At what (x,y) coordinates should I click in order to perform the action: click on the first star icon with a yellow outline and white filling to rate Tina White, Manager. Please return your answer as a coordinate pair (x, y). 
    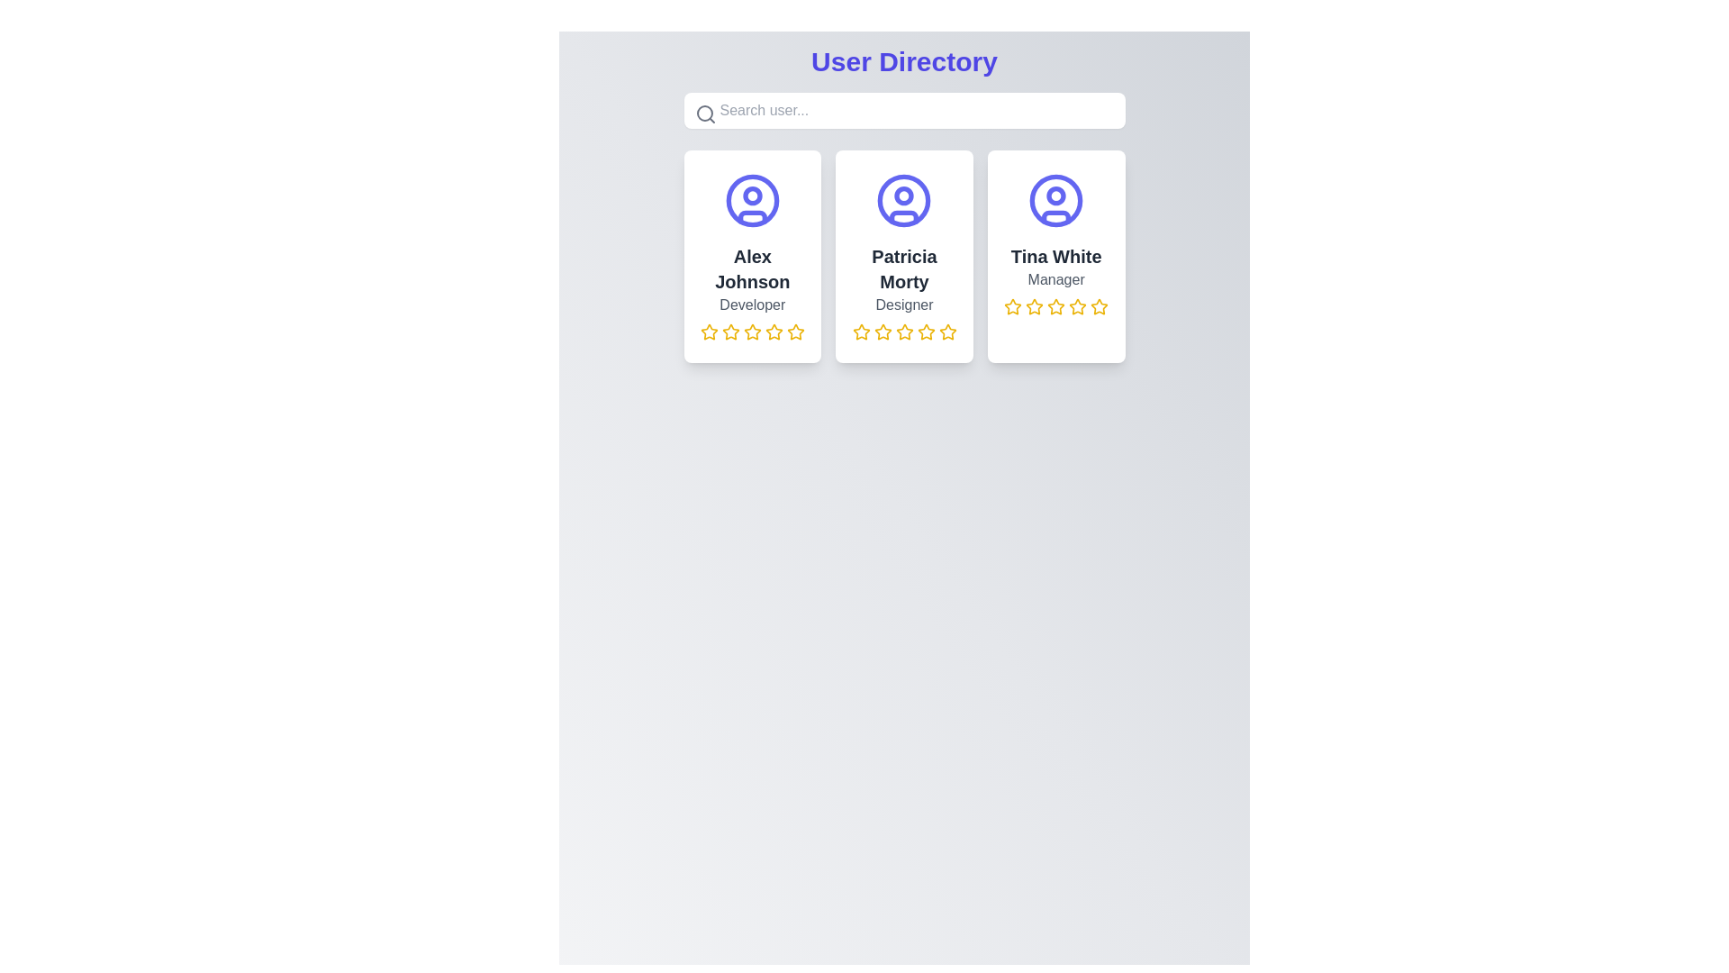
    Looking at the image, I should click on (1013, 305).